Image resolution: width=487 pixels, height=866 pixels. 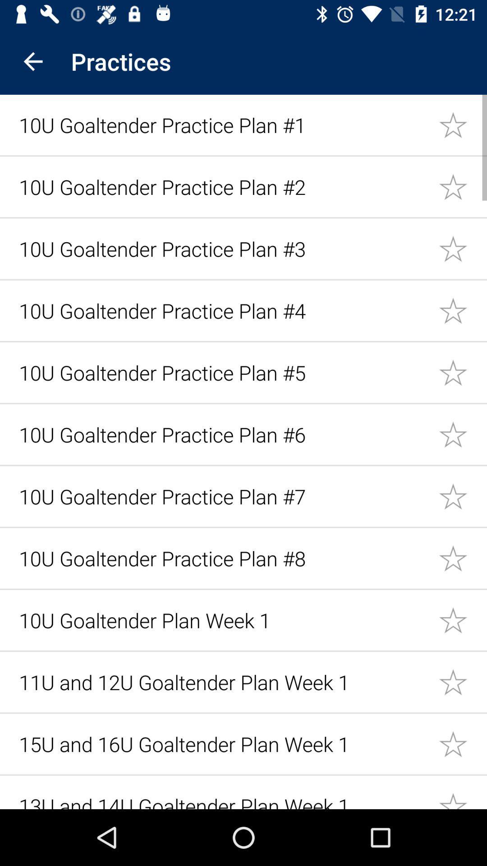 I want to click on favorite, so click(x=463, y=124).